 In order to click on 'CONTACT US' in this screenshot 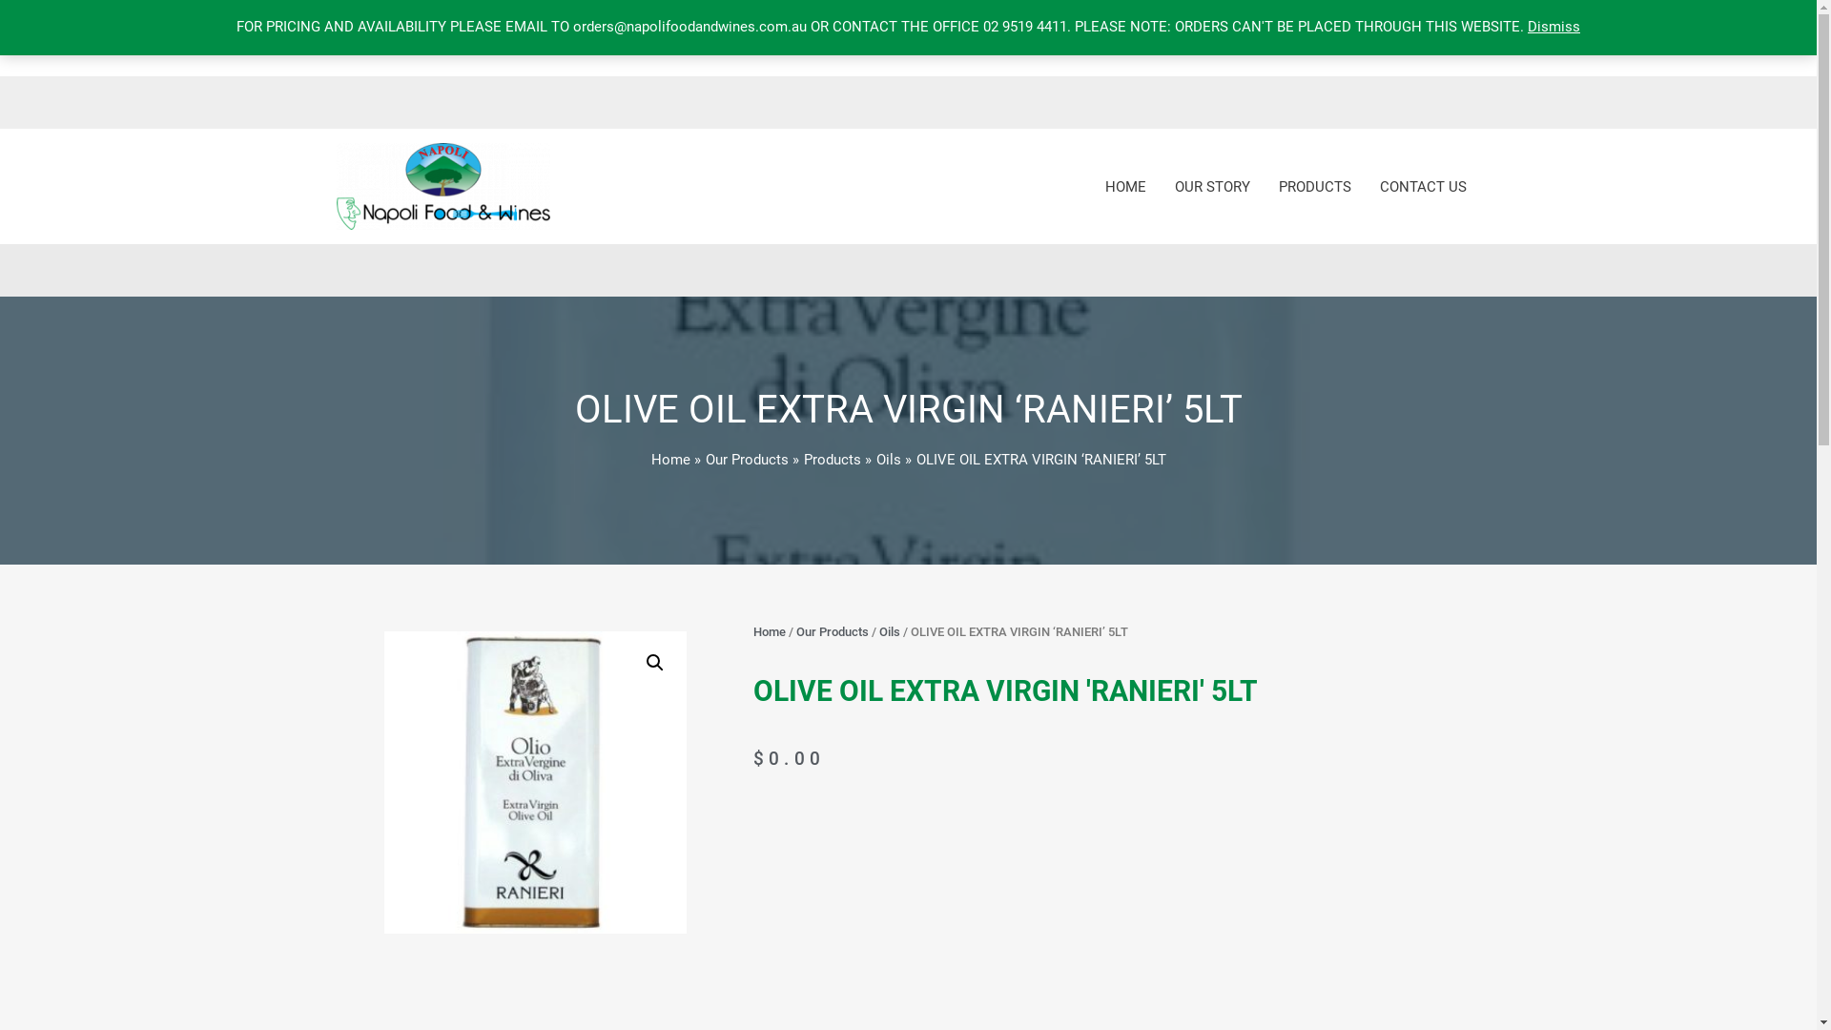, I will do `click(1423, 186)`.